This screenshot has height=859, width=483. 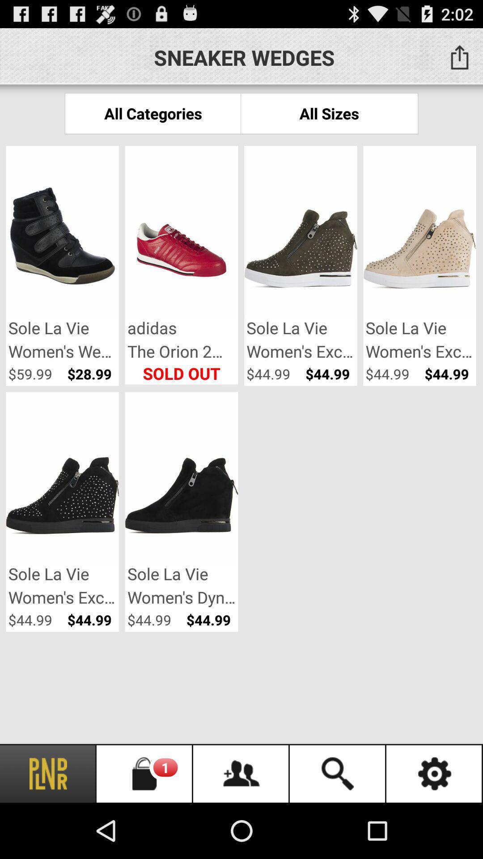 What do you see at coordinates (153, 113) in the screenshot?
I see `the app next to the all sizes item` at bounding box center [153, 113].